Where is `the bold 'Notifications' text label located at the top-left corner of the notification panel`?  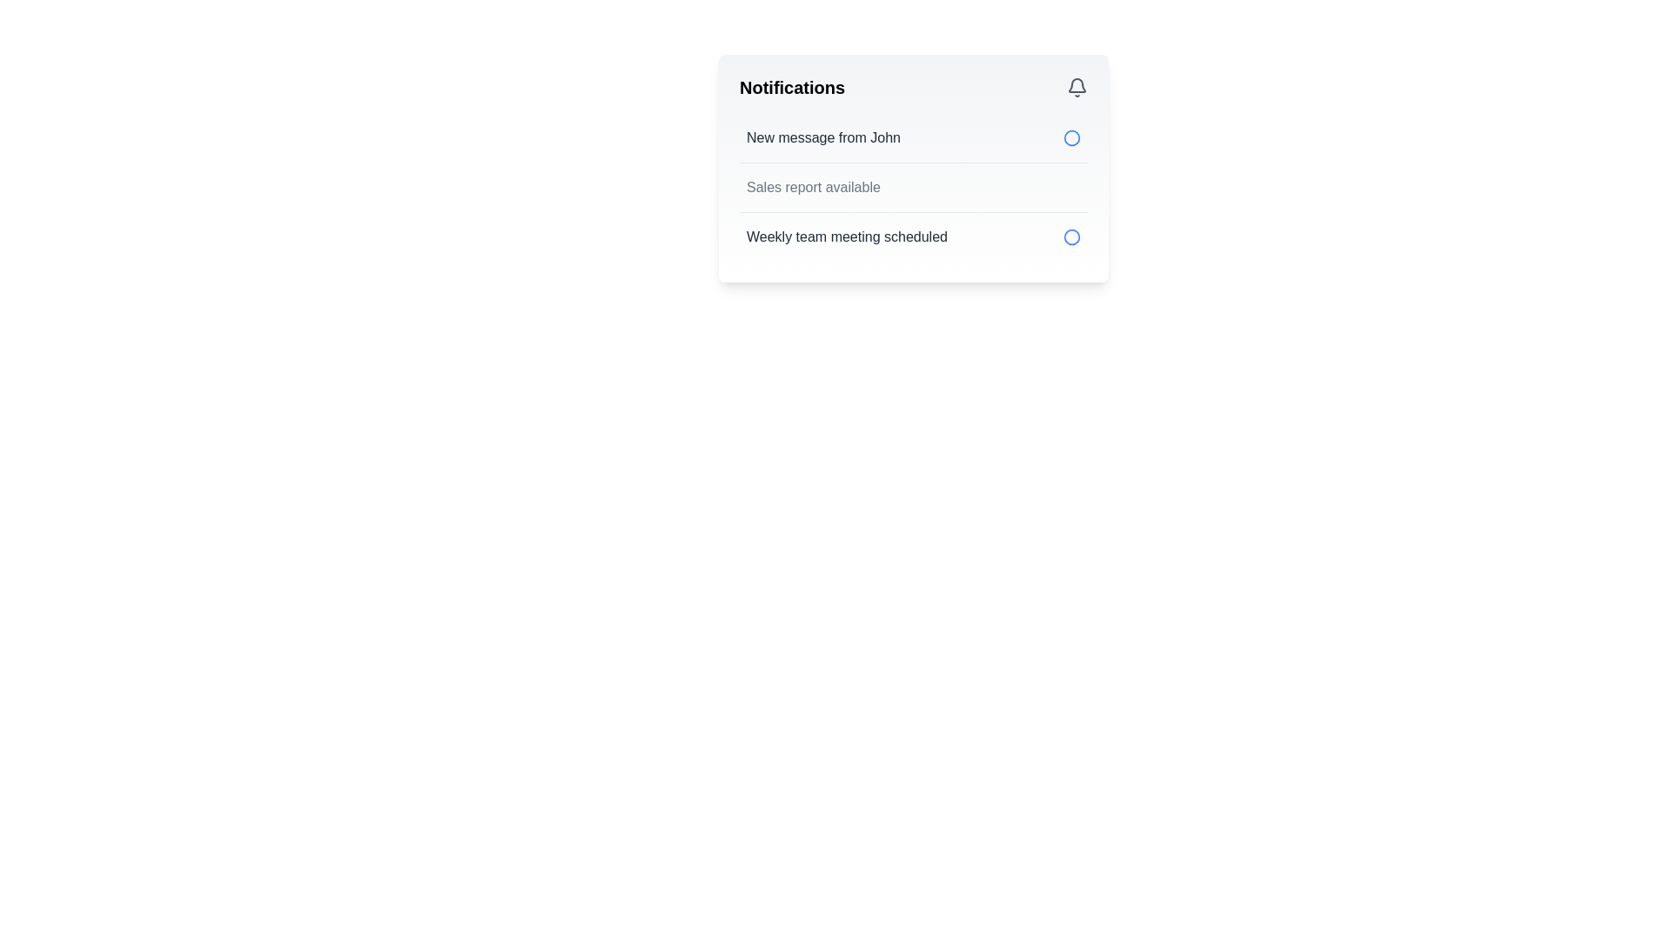
the bold 'Notifications' text label located at the top-left corner of the notification panel is located at coordinates (791, 87).